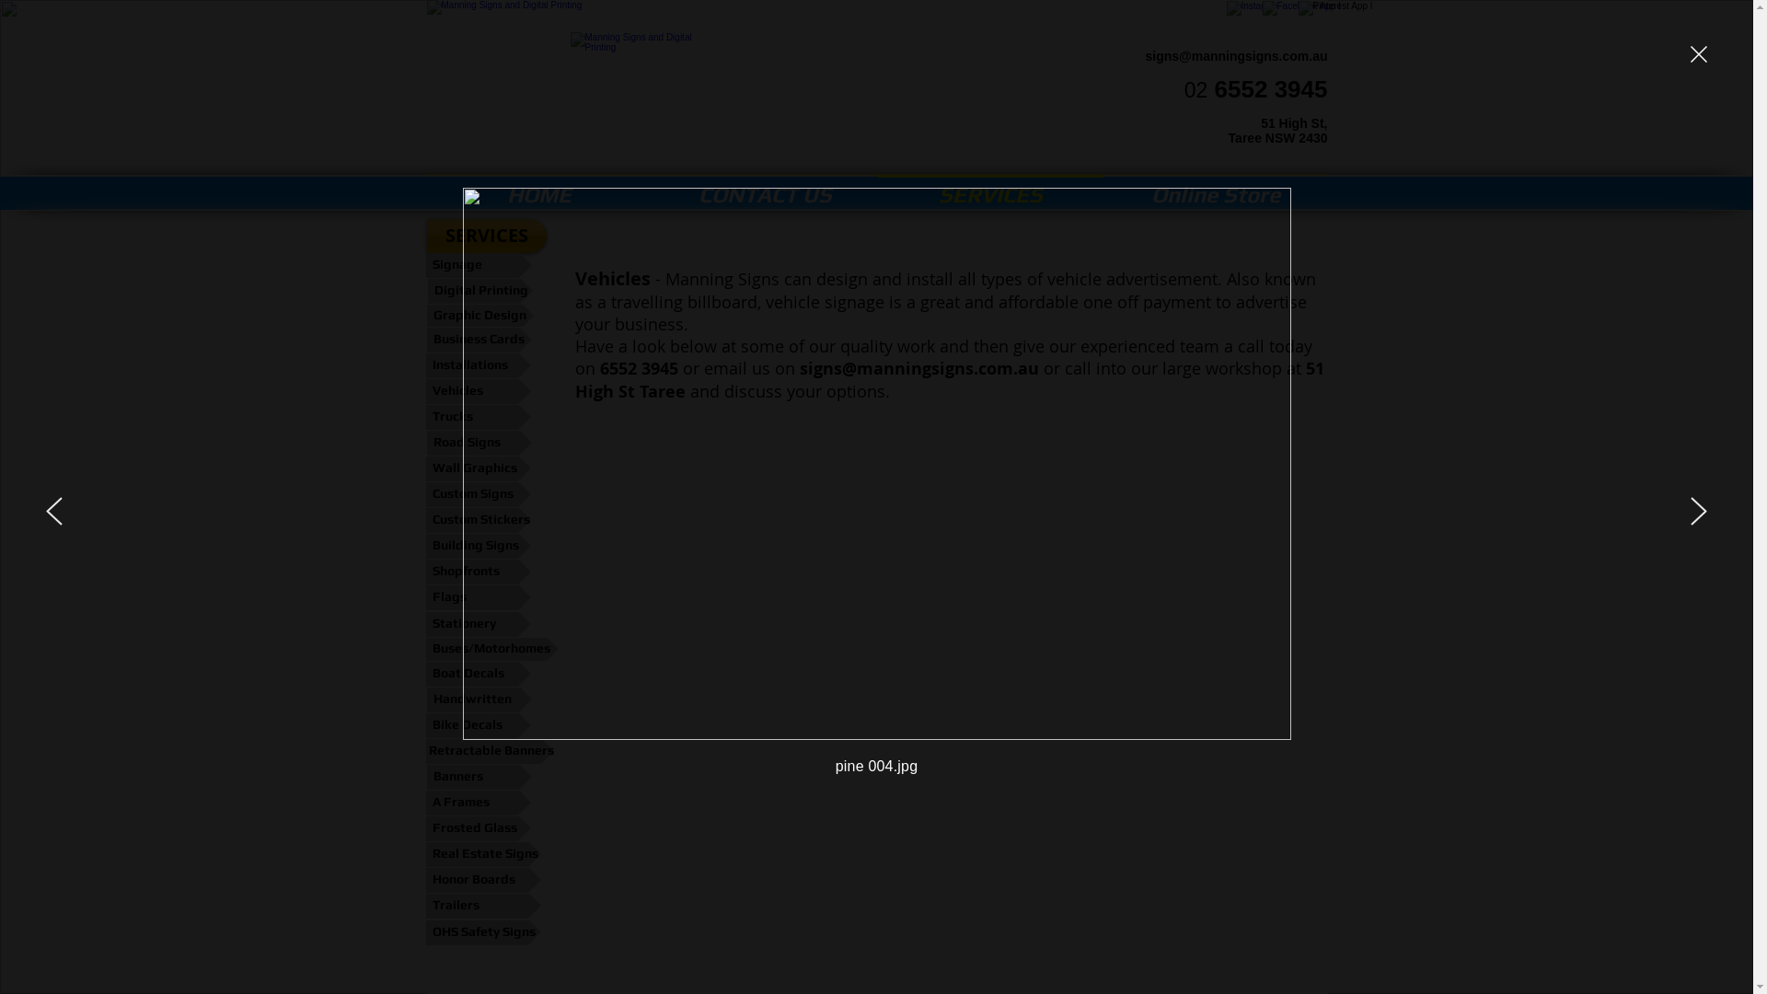 This screenshot has width=1767, height=994. I want to click on 'Frosted Glass', so click(423, 826).